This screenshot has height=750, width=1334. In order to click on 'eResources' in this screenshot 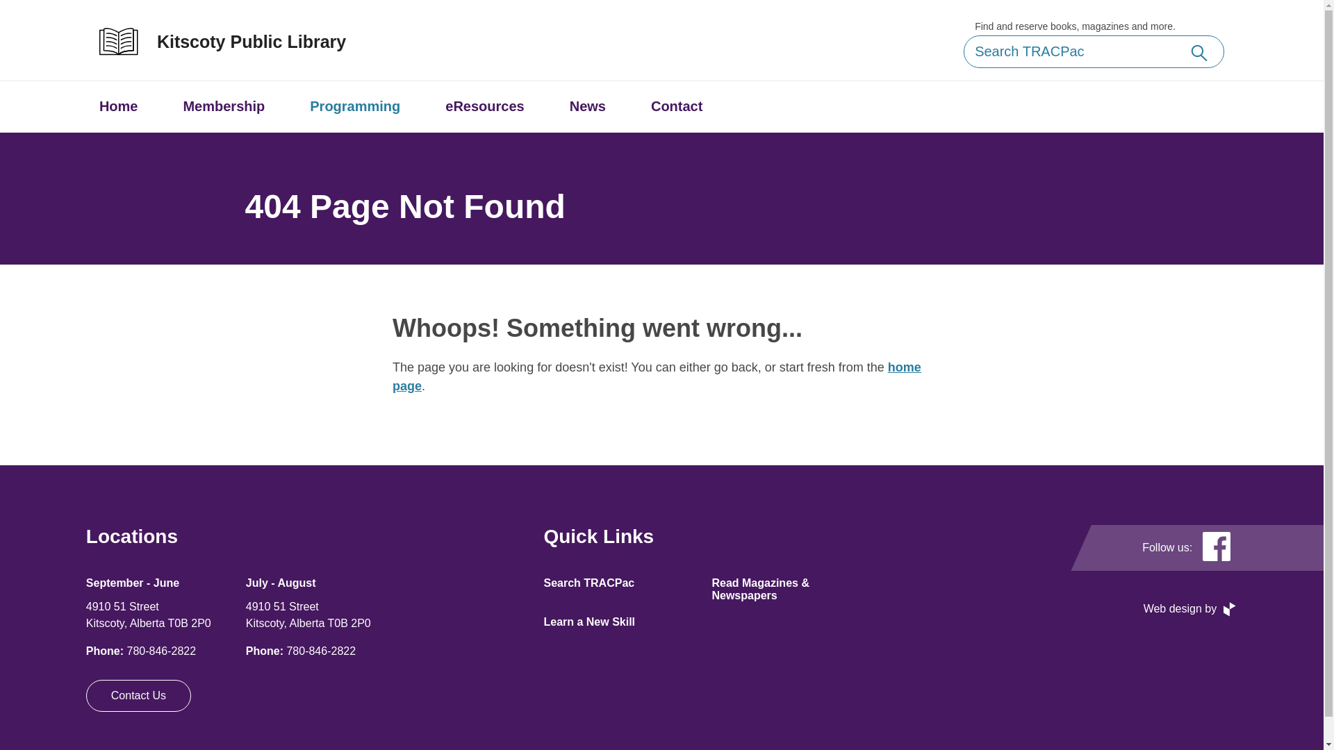, I will do `click(484, 106)`.